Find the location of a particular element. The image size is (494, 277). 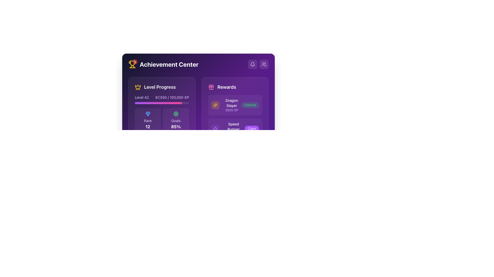

the Icon/Badge that serves as a decorative indicator for the associated reward item, located to the left of the 'Dragon Slayer' text is located at coordinates (215, 105).